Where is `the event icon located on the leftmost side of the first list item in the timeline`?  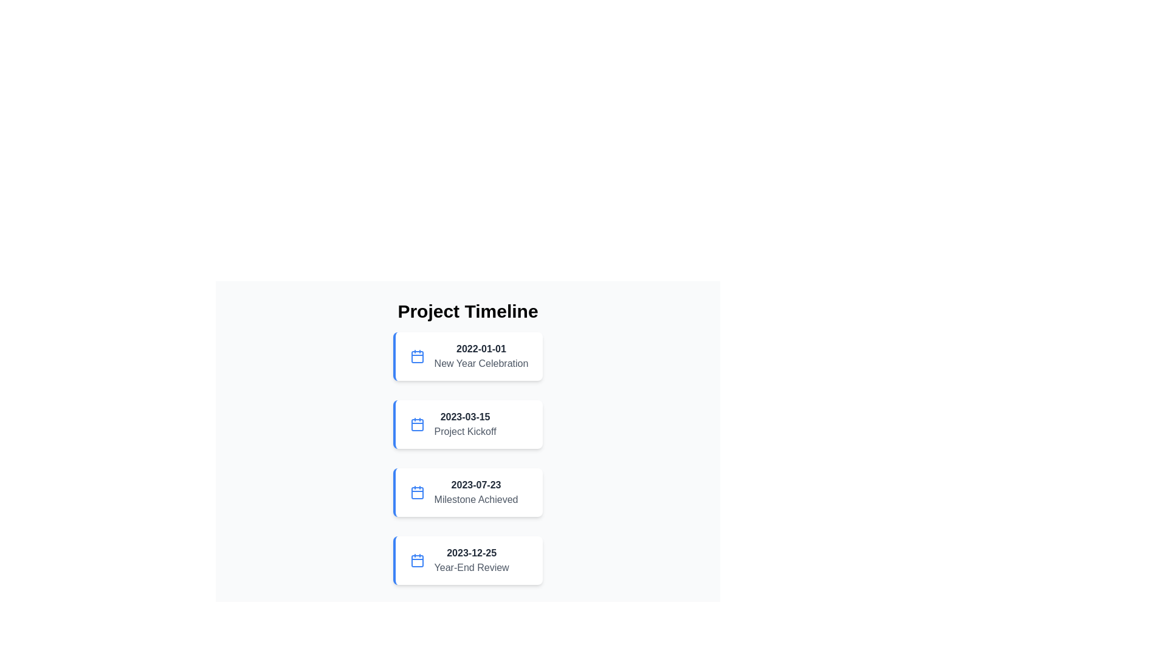 the event icon located on the leftmost side of the first list item in the timeline is located at coordinates (417, 355).